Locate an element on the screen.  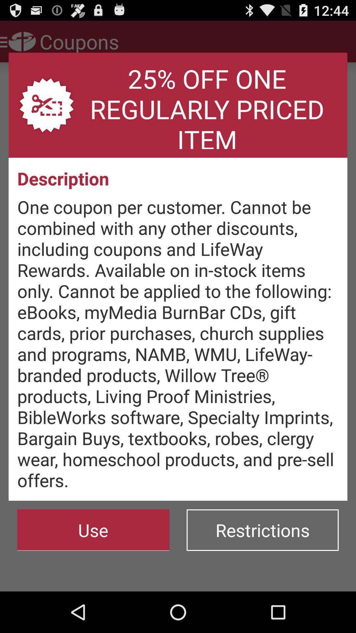
the button at the bottom right corner is located at coordinates (262, 530).